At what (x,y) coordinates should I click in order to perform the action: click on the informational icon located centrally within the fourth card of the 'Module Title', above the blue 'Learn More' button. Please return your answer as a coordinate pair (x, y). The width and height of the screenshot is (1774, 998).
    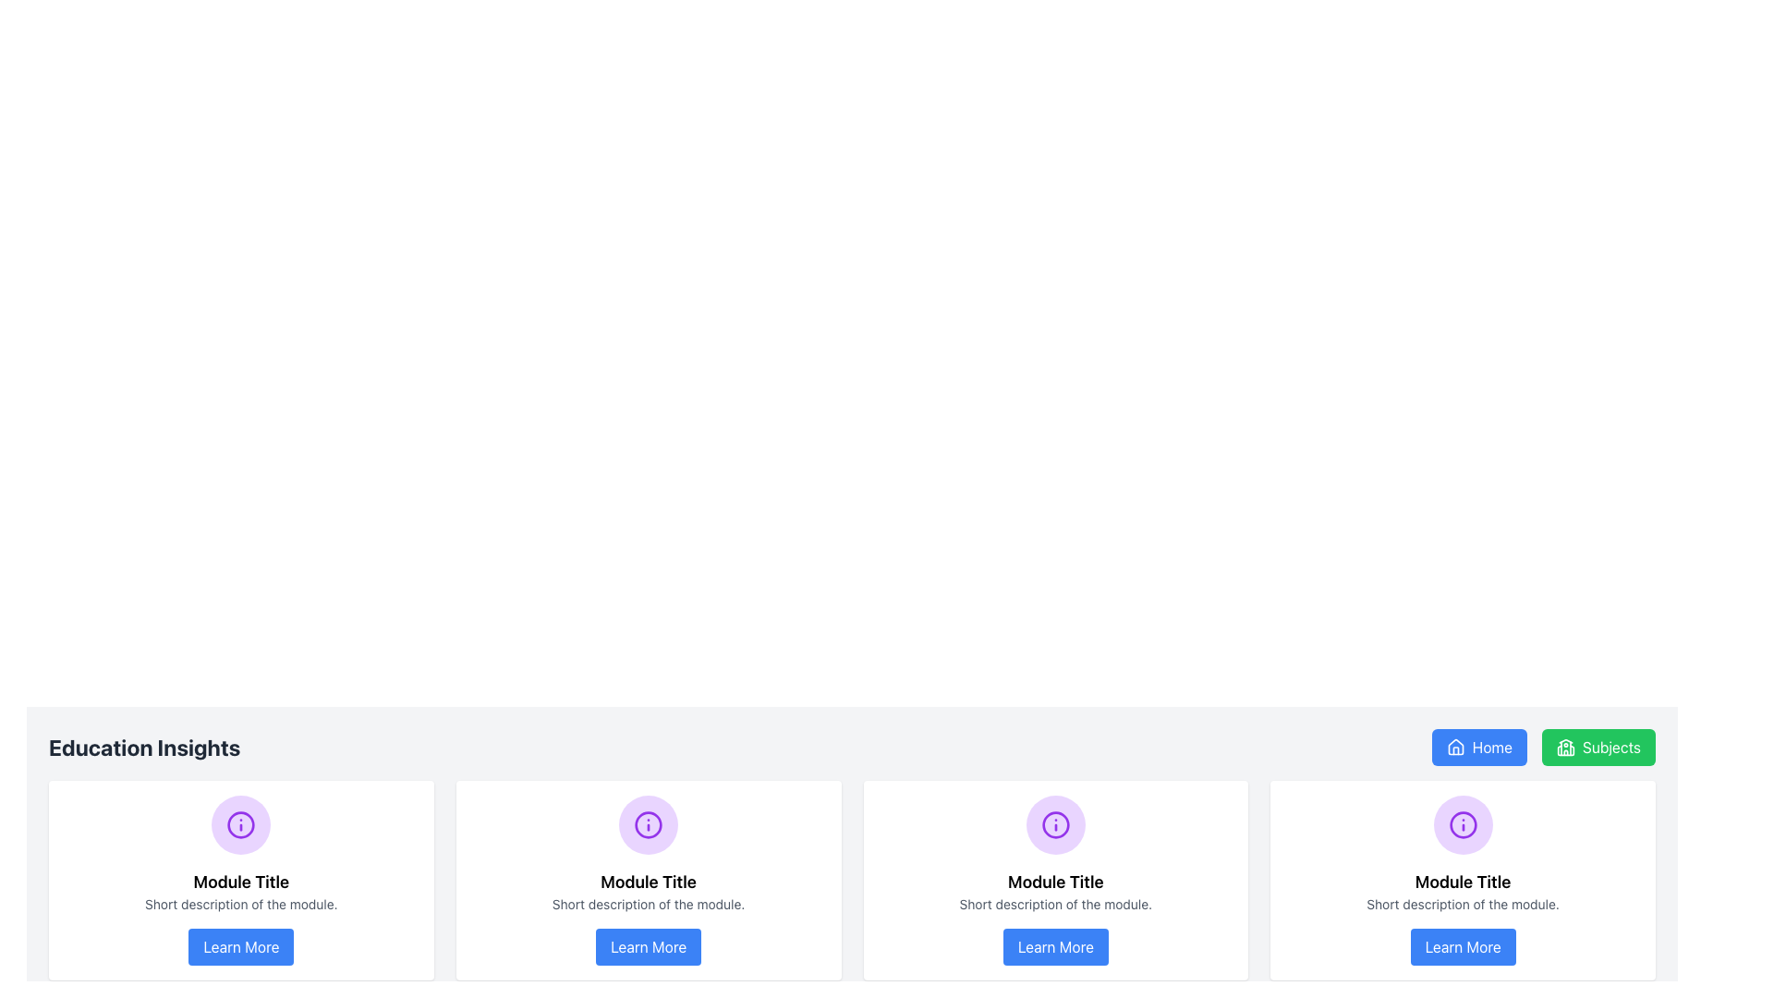
    Looking at the image, I should click on (1462, 824).